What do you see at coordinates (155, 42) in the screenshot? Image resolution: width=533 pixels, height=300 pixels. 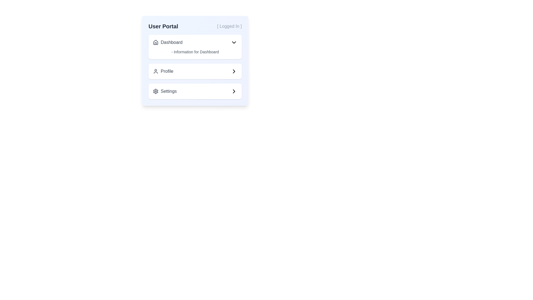 I see `the house icon associated with the 'Dashboard' menu item, which serves as the main navigation point` at bounding box center [155, 42].